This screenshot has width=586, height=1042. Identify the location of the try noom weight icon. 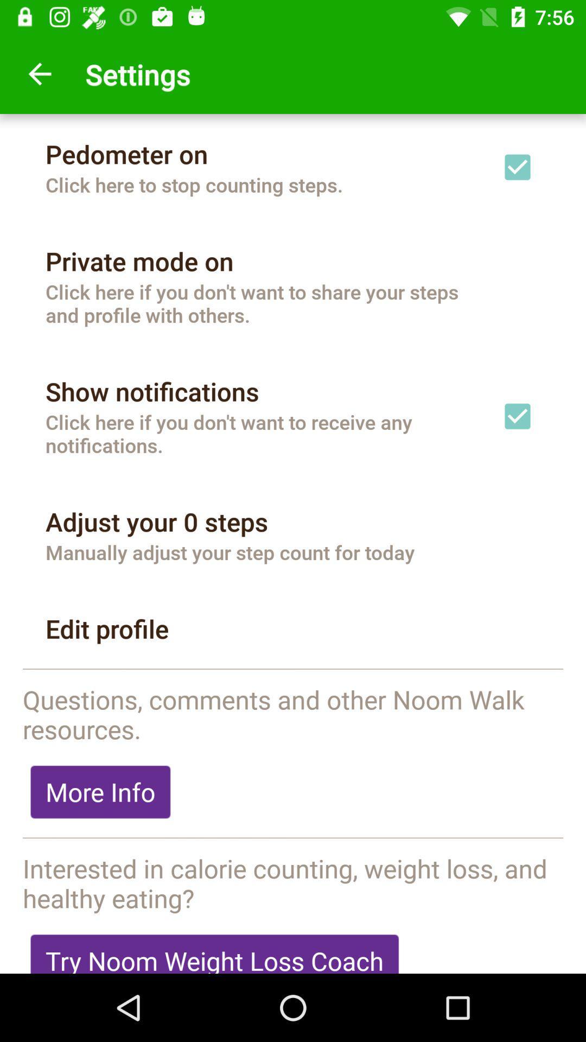
(214, 949).